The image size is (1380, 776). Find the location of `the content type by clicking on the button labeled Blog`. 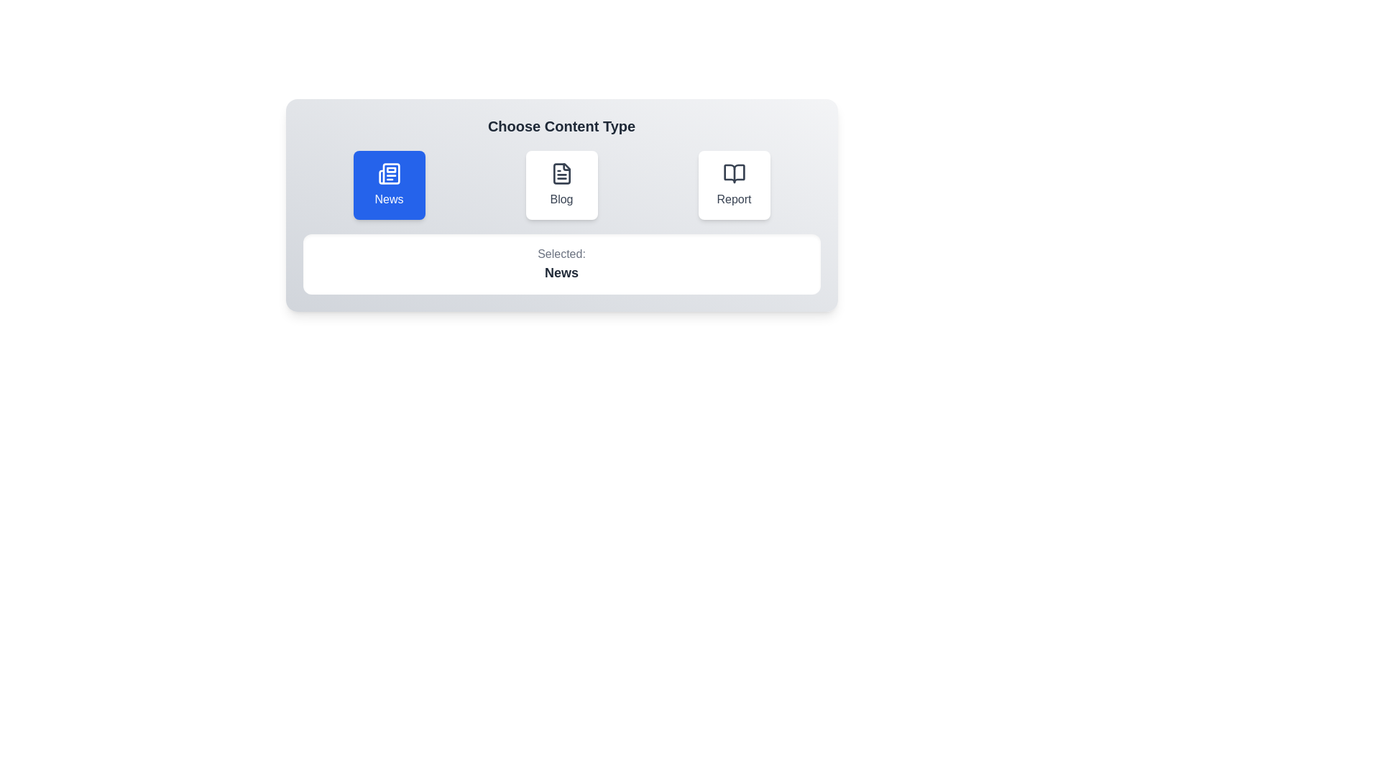

the content type by clicking on the button labeled Blog is located at coordinates (561, 185).